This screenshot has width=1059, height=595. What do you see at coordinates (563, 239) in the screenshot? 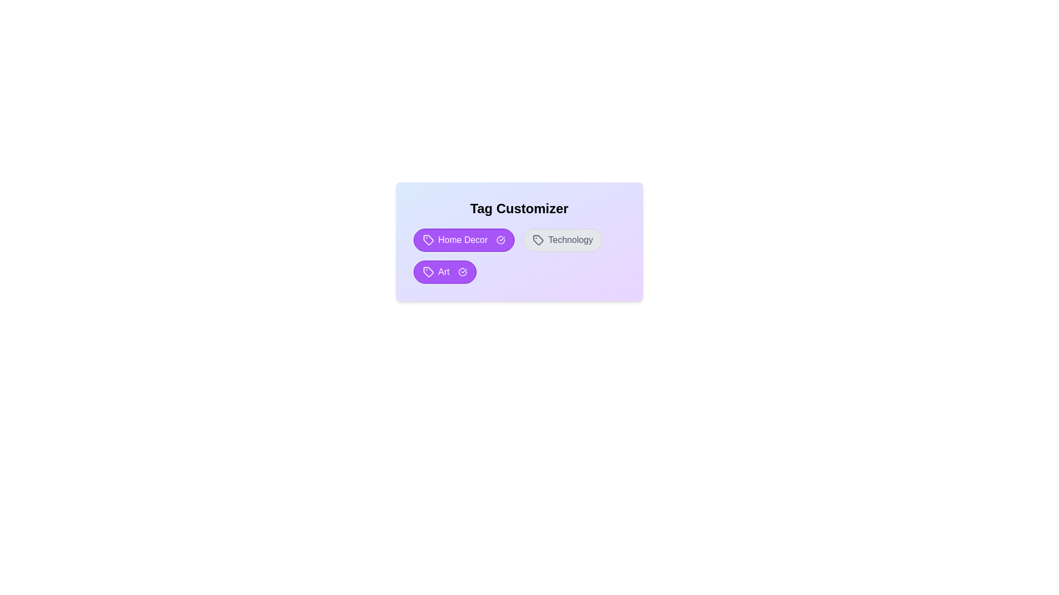
I see `the tag Technology by clicking on it` at bounding box center [563, 239].